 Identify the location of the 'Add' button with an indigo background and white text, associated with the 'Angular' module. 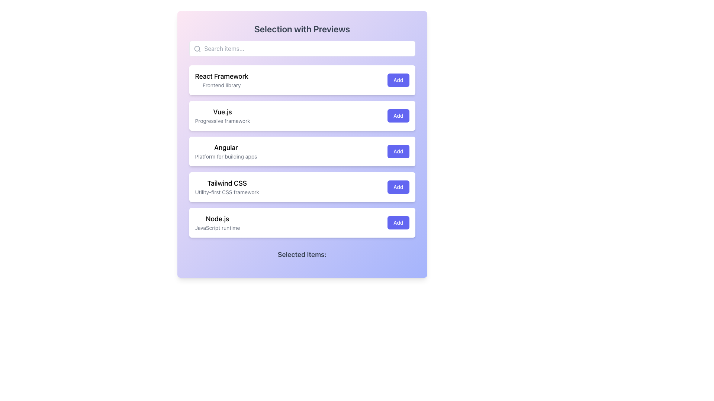
(398, 151).